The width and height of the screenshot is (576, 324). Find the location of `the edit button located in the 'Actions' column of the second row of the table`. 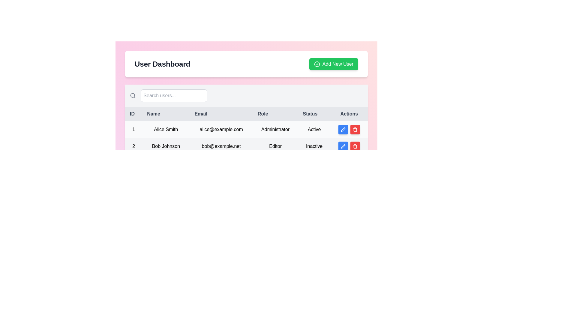

the edit button located in the 'Actions' column of the second row of the table is located at coordinates (343, 146).